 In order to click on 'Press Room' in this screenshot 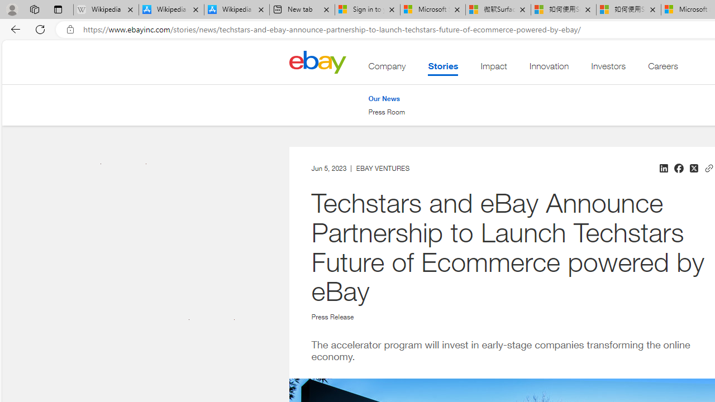, I will do `click(387, 112)`.